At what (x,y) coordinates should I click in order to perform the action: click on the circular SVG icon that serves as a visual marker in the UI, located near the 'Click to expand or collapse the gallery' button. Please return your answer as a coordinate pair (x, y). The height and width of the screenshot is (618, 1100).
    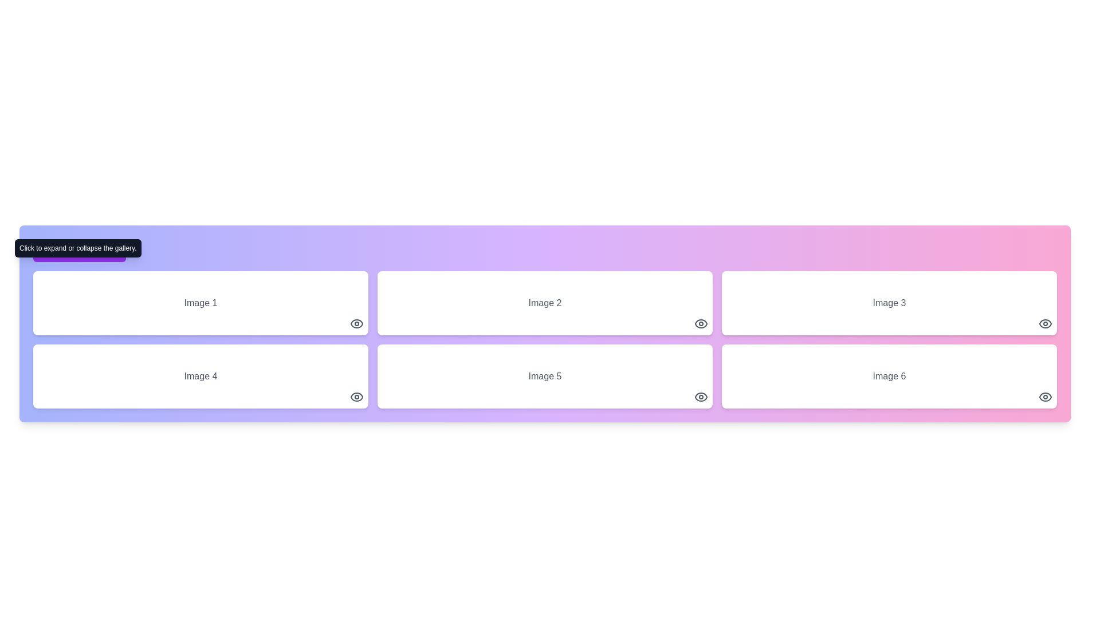
    Looking at the image, I should click on (47, 250).